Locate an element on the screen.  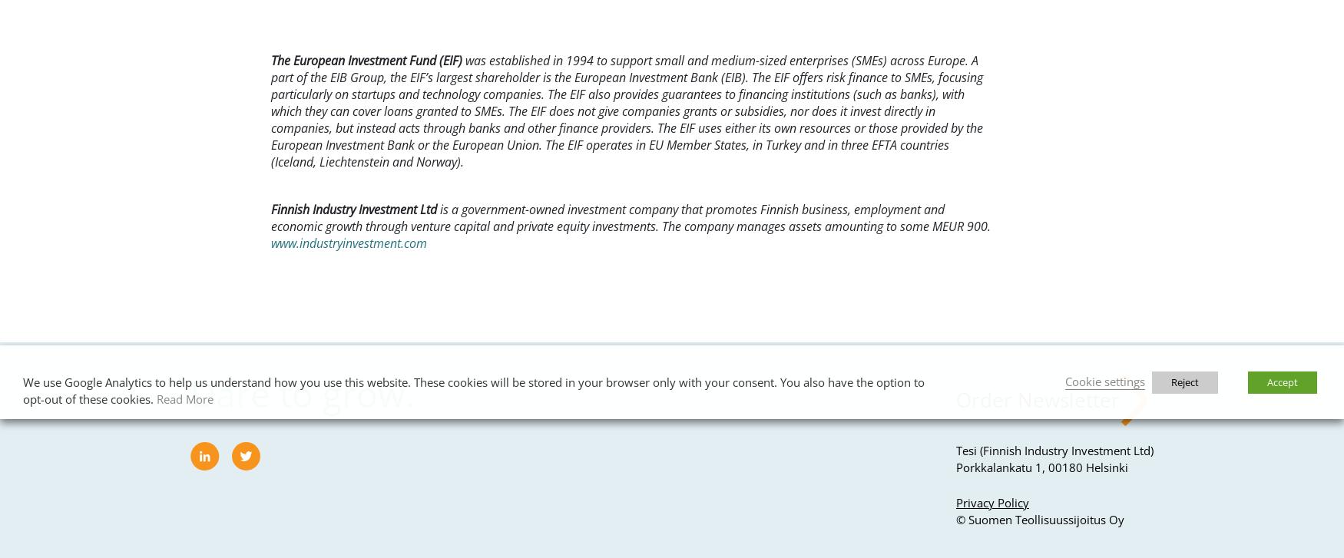
'www.industryinvestment.com' is located at coordinates (348, 243).